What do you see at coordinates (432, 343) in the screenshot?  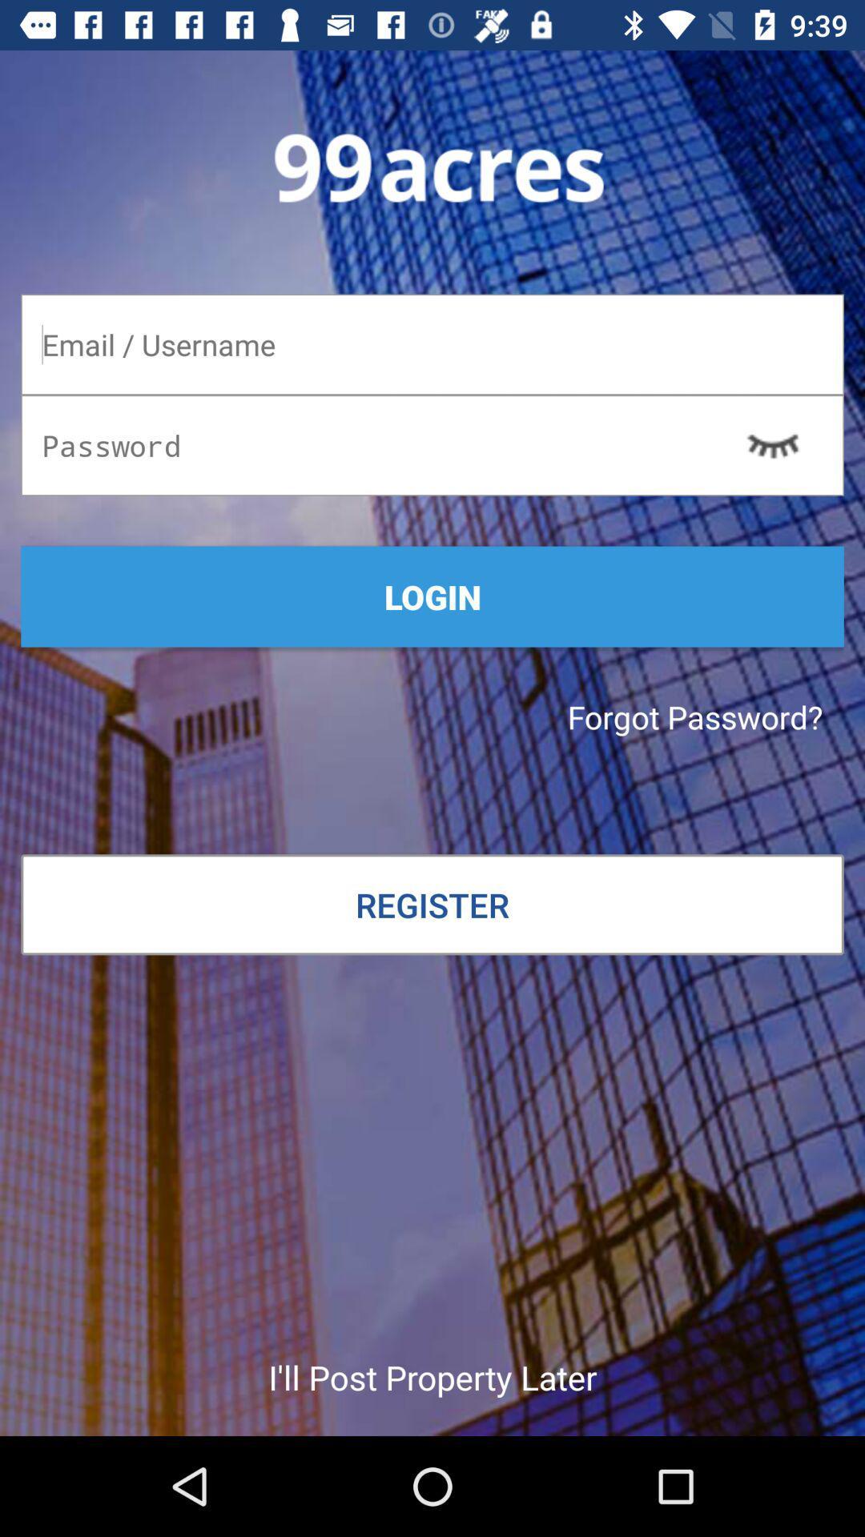 I see `password page` at bounding box center [432, 343].